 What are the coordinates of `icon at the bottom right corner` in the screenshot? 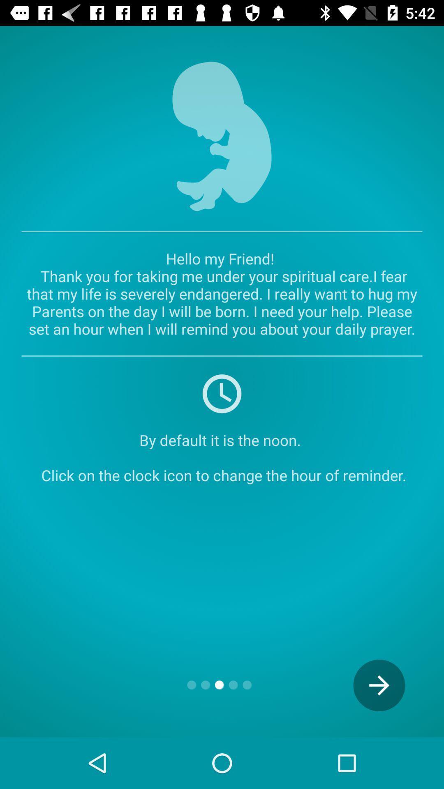 It's located at (379, 685).